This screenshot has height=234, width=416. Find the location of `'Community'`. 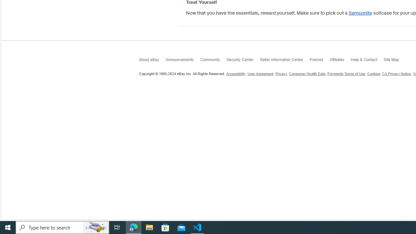

'Community' is located at coordinates (213, 61).